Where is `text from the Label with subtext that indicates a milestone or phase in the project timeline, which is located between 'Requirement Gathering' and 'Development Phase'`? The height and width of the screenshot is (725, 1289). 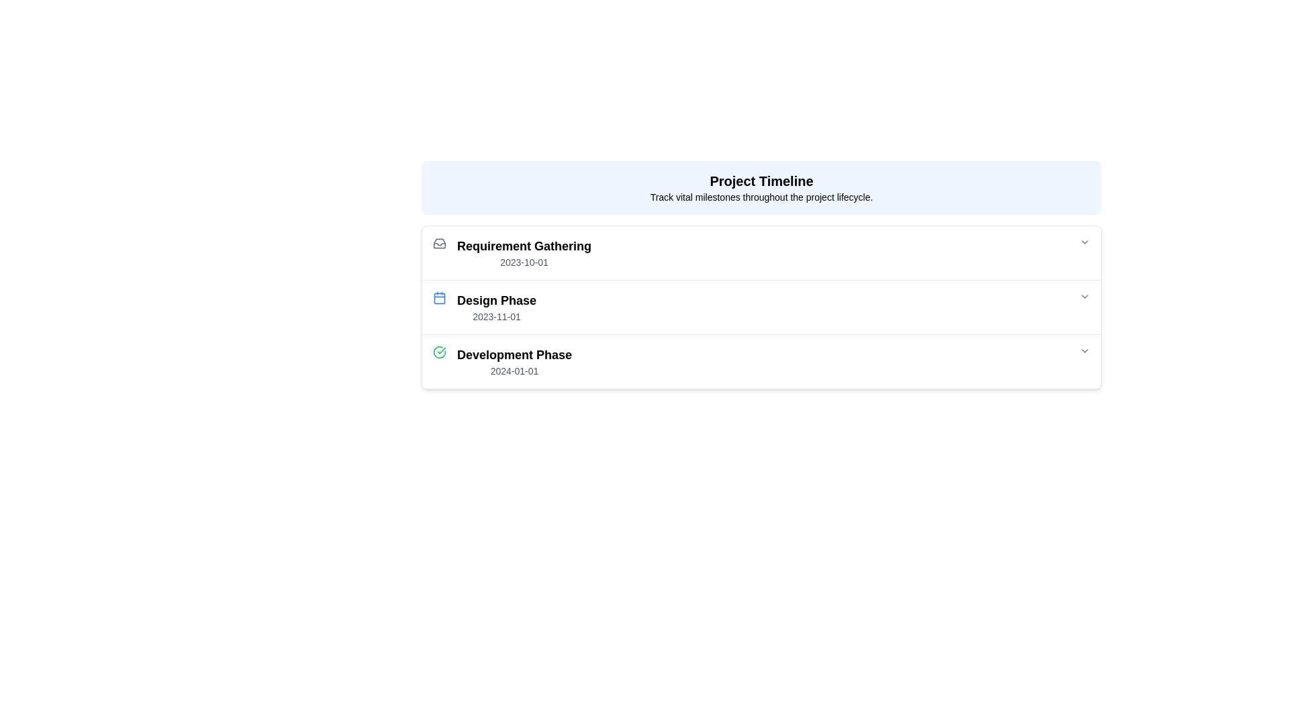
text from the Label with subtext that indicates a milestone or phase in the project timeline, which is located between 'Requirement Gathering' and 'Development Phase' is located at coordinates (495, 307).